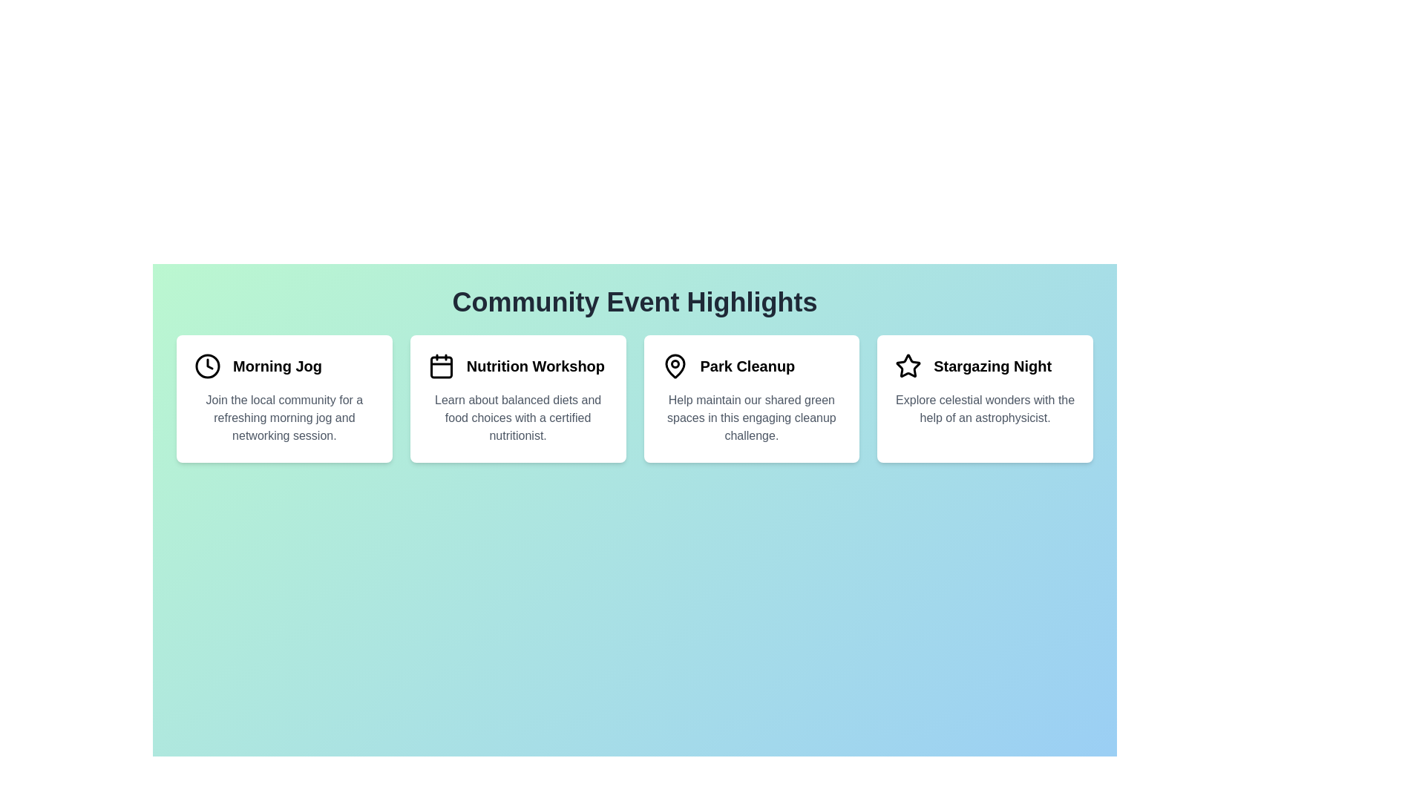  Describe the element at coordinates (635, 302) in the screenshot. I see `and interpret the text from the heading labeled 'Community Event Highlights', which is a bold, large gray font centered above the event details grid` at that location.